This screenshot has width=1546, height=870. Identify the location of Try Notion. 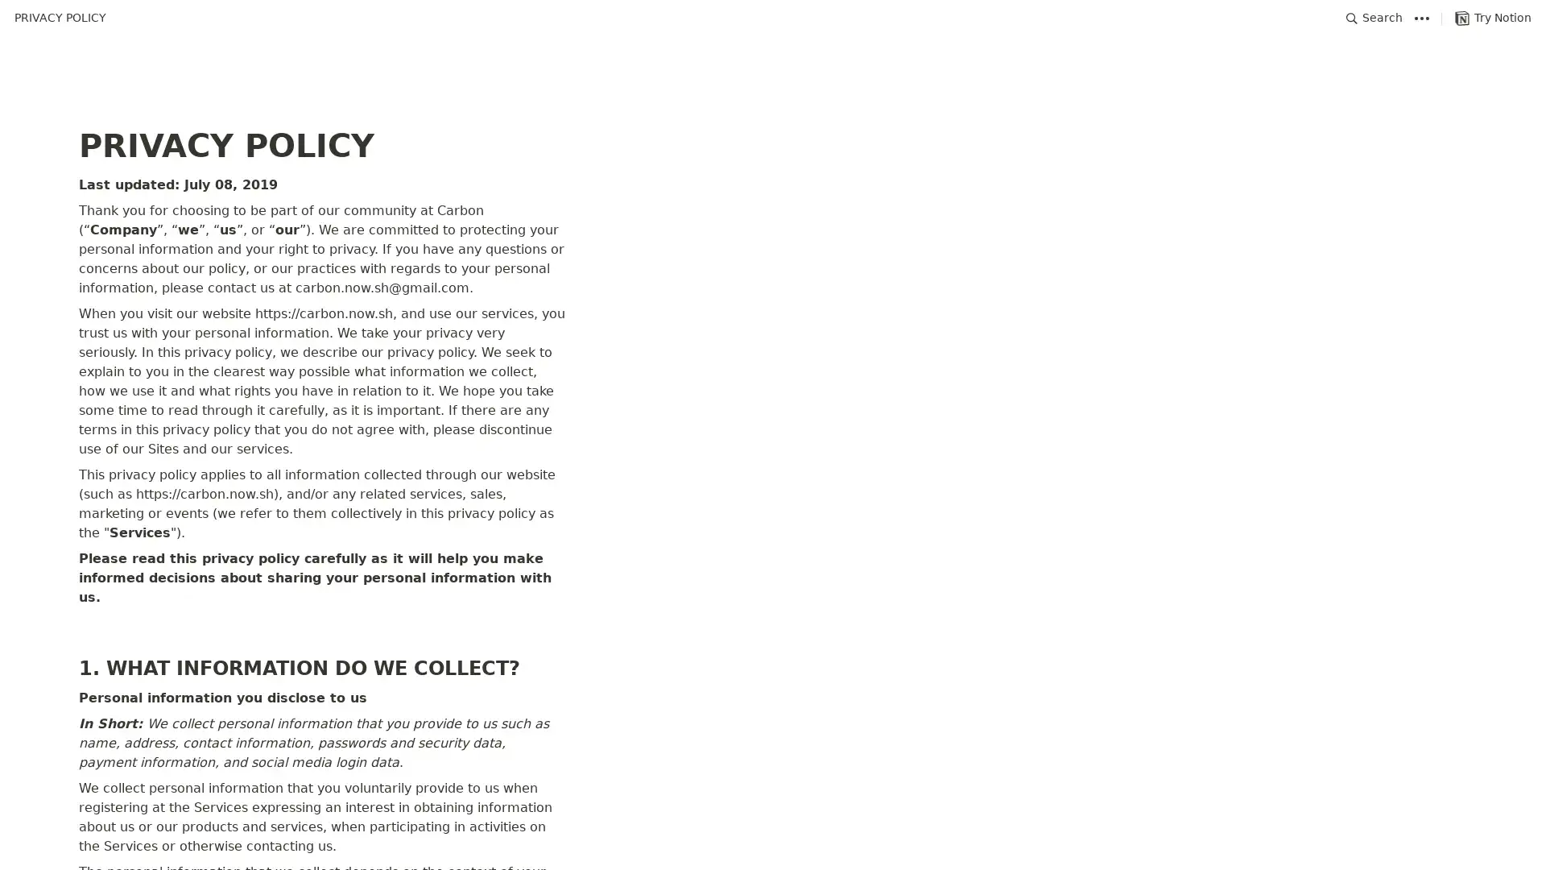
(1492, 18).